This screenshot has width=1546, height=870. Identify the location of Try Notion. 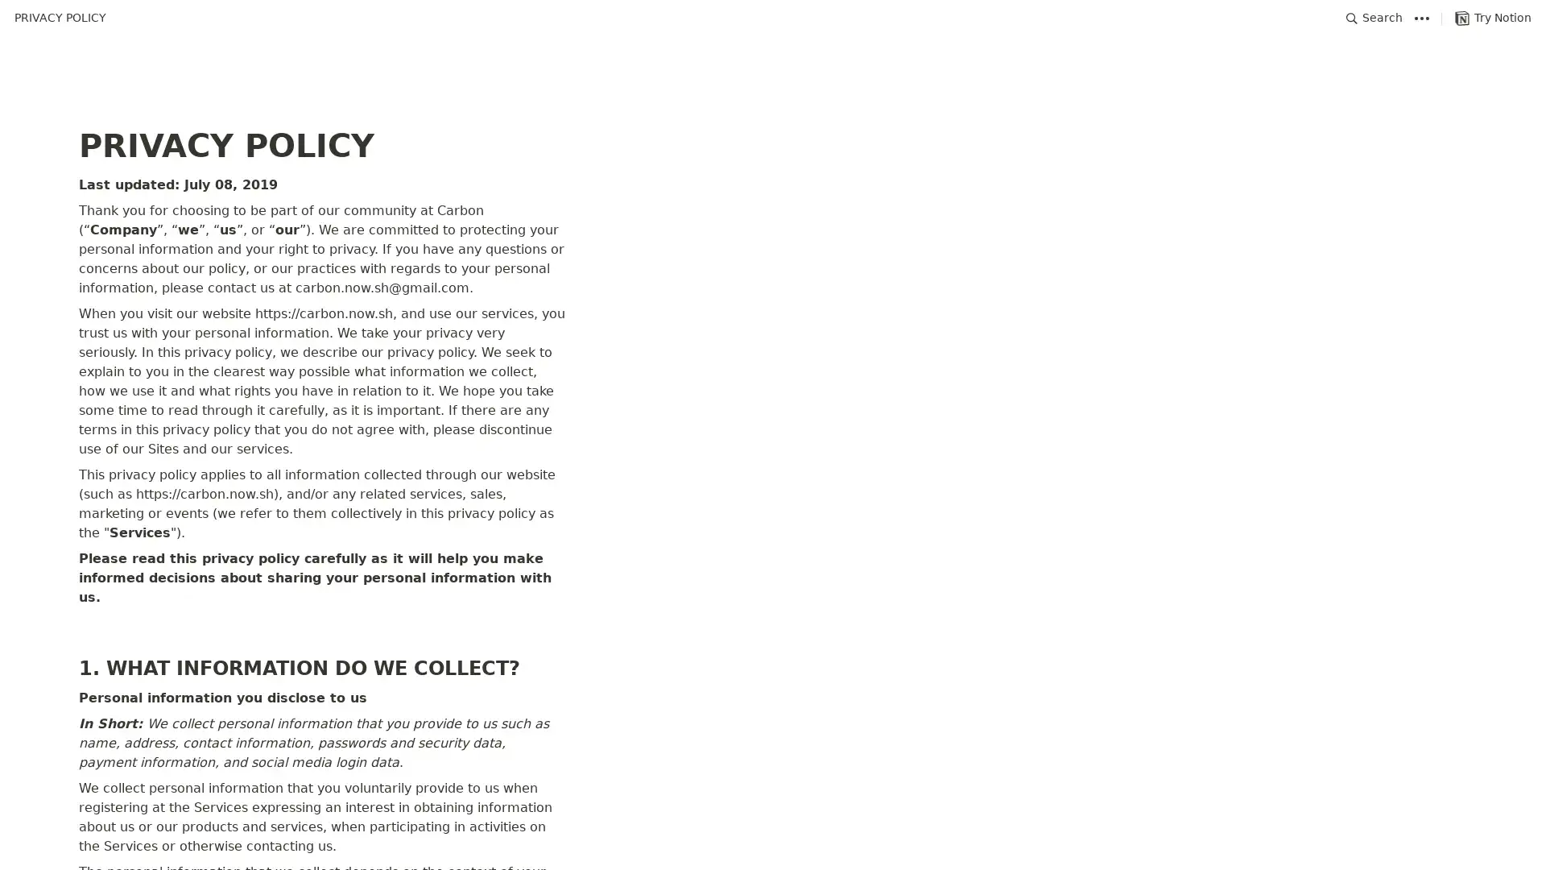
(1492, 18).